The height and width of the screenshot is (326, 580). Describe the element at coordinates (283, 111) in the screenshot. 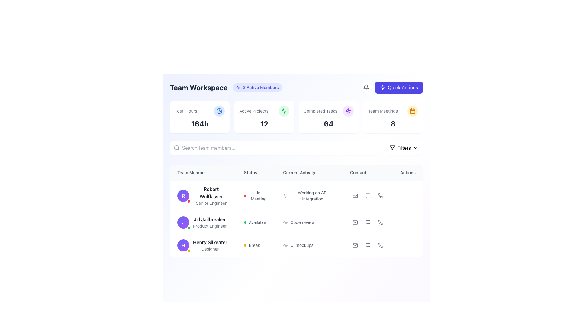

I see `the decorative icon that enhances the 'Active Projects' card in the 'Team Workspace' section, located to the right of the '12' number representing active projects` at that location.